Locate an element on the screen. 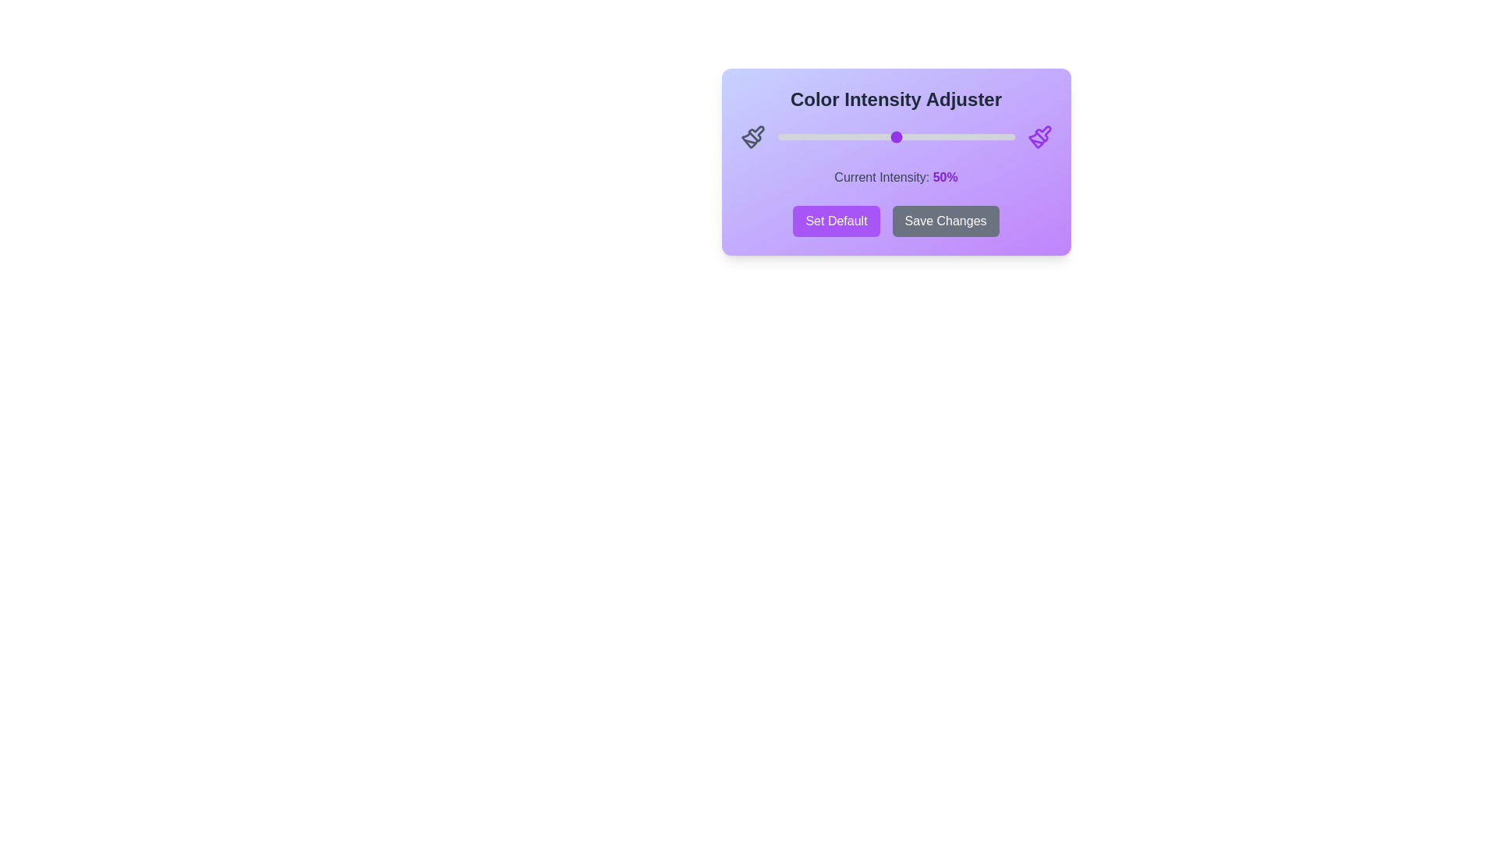  the slider to 0% to adjust the color intensity is located at coordinates (777, 136).